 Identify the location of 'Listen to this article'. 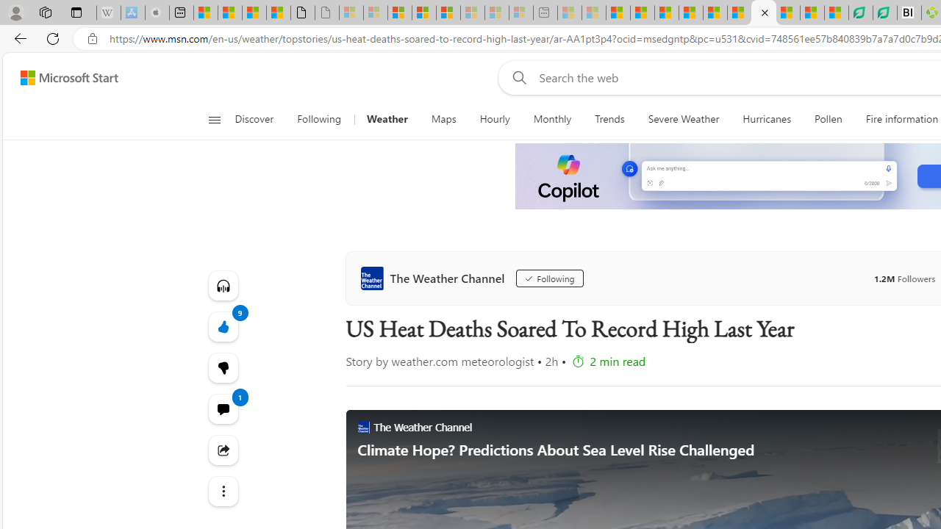
(222, 285).